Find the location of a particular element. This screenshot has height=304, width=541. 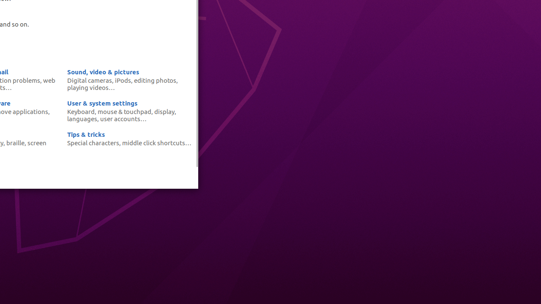

'user accounts' is located at coordinates (120, 119).